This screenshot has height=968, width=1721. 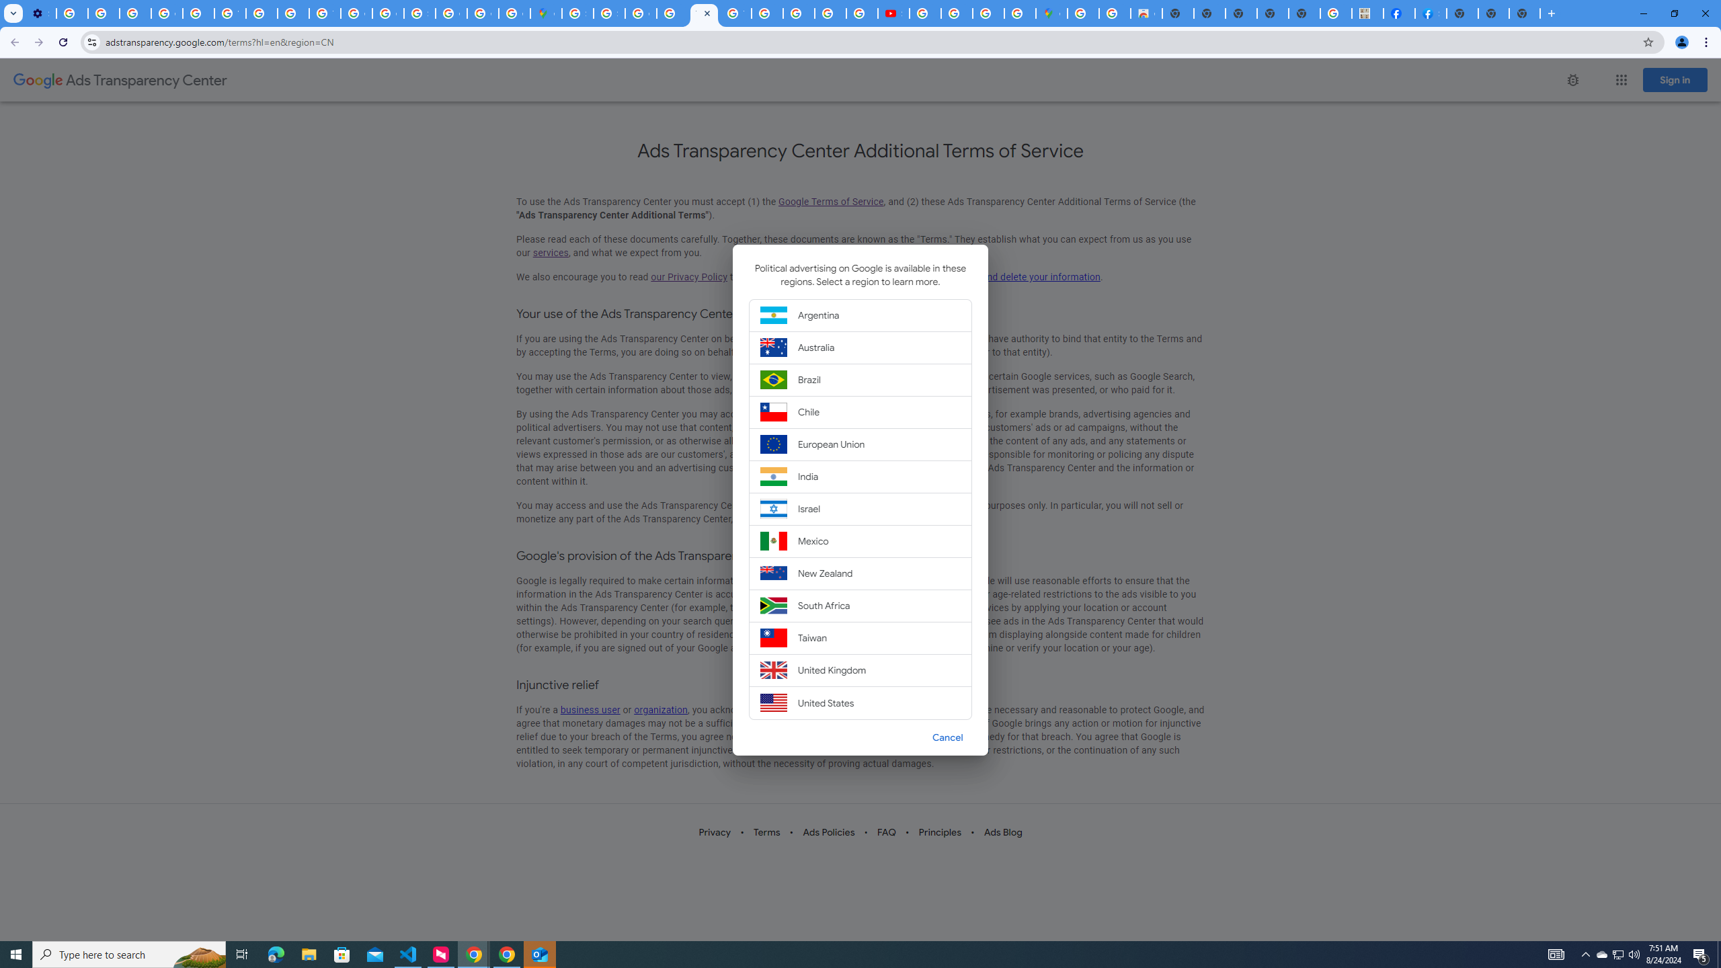 What do you see at coordinates (1002, 832) in the screenshot?
I see `'Ads Blog'` at bounding box center [1002, 832].